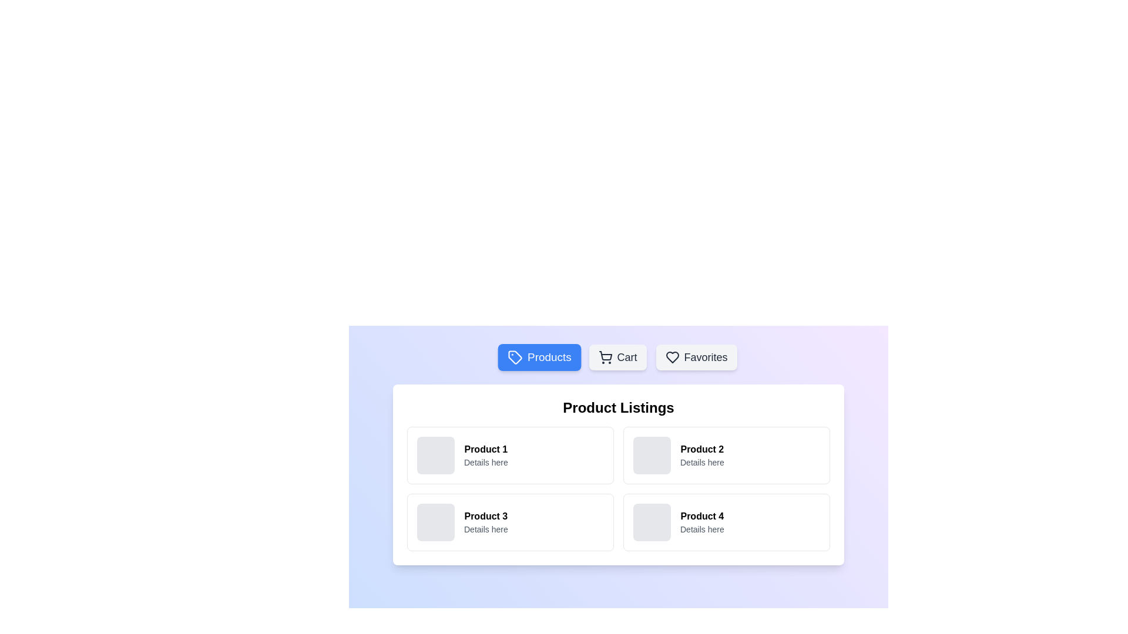  What do you see at coordinates (605, 357) in the screenshot?
I see `the 'Cart' button in the navigation bar` at bounding box center [605, 357].